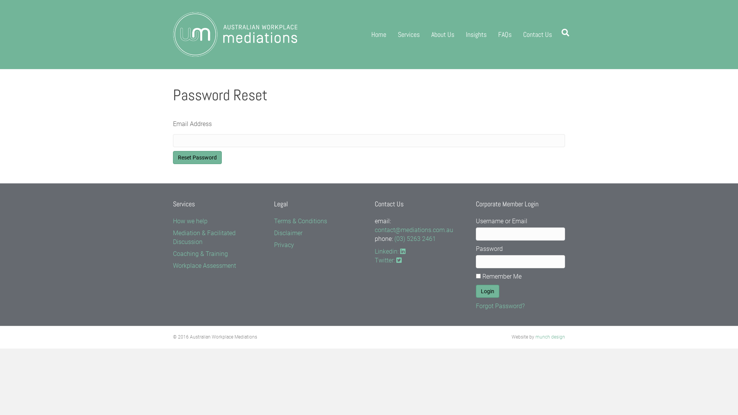 This screenshot has height=415, width=738. I want to click on 'FAQs', so click(505, 34).